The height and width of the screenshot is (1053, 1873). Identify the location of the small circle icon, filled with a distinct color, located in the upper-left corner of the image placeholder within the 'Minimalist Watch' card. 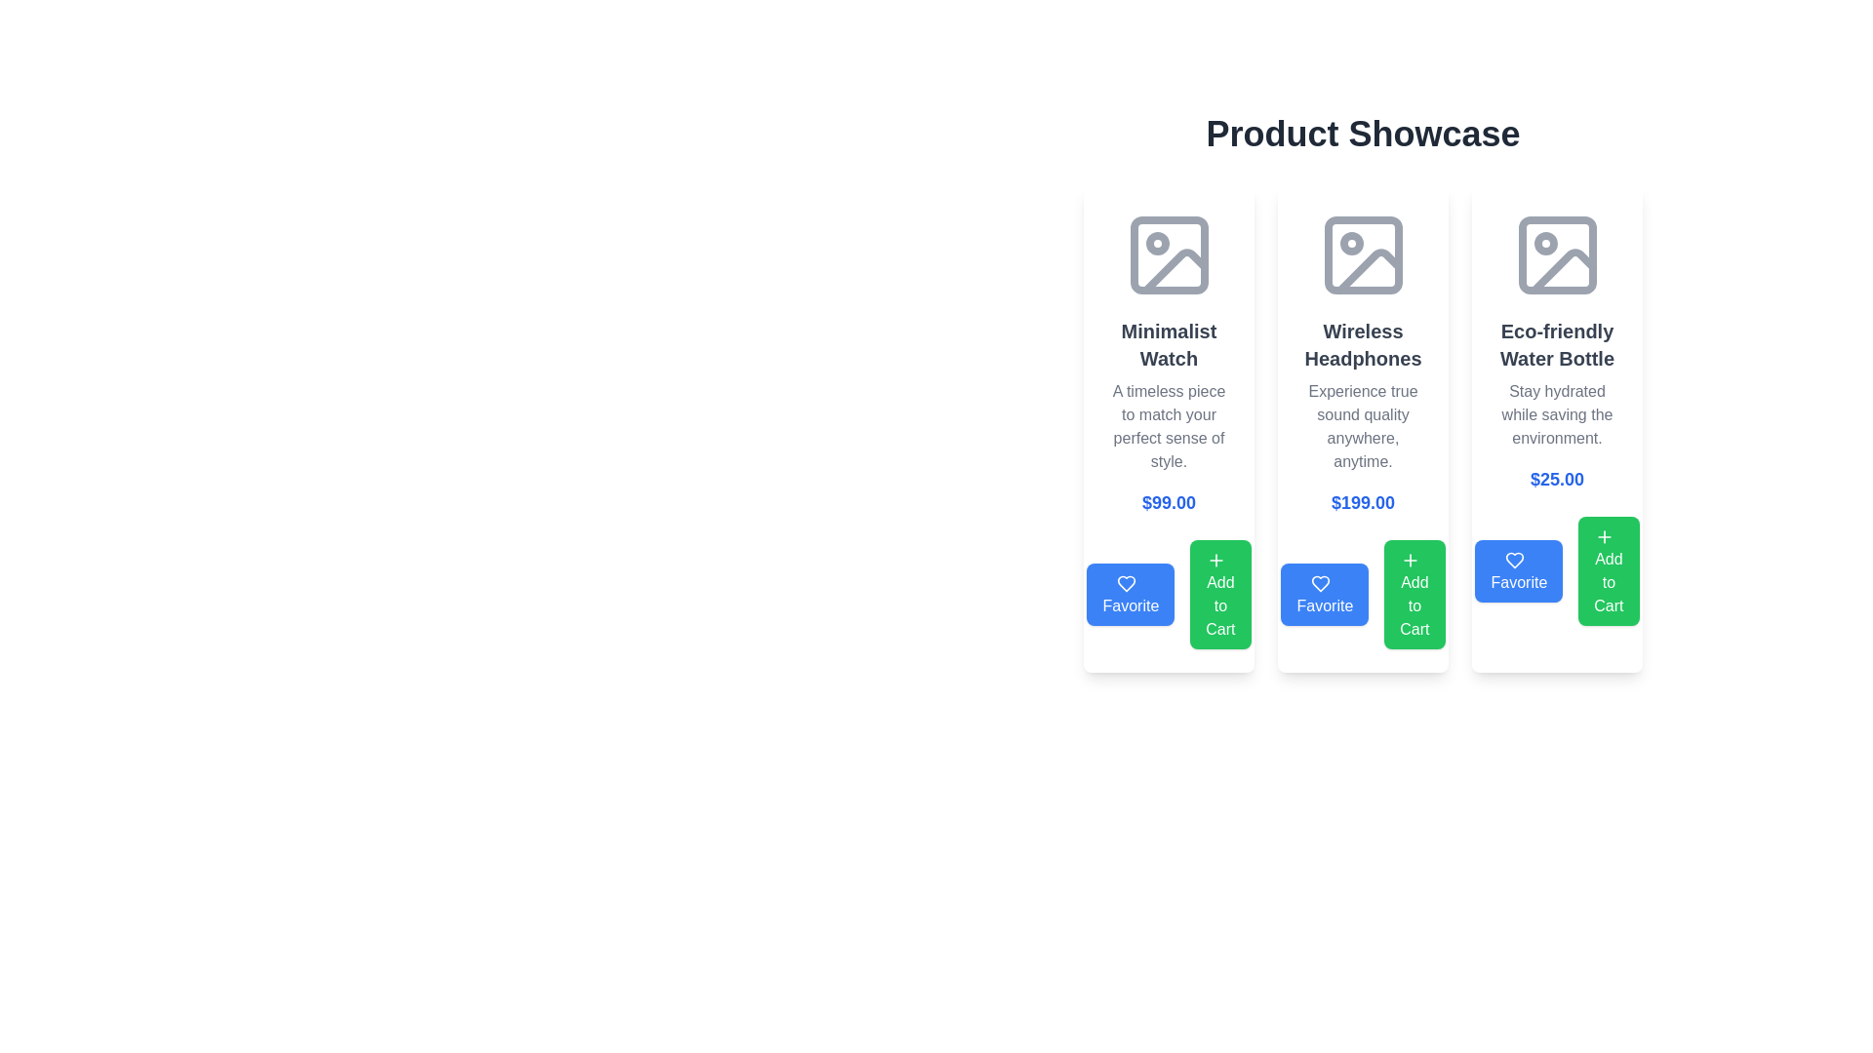
(1157, 243).